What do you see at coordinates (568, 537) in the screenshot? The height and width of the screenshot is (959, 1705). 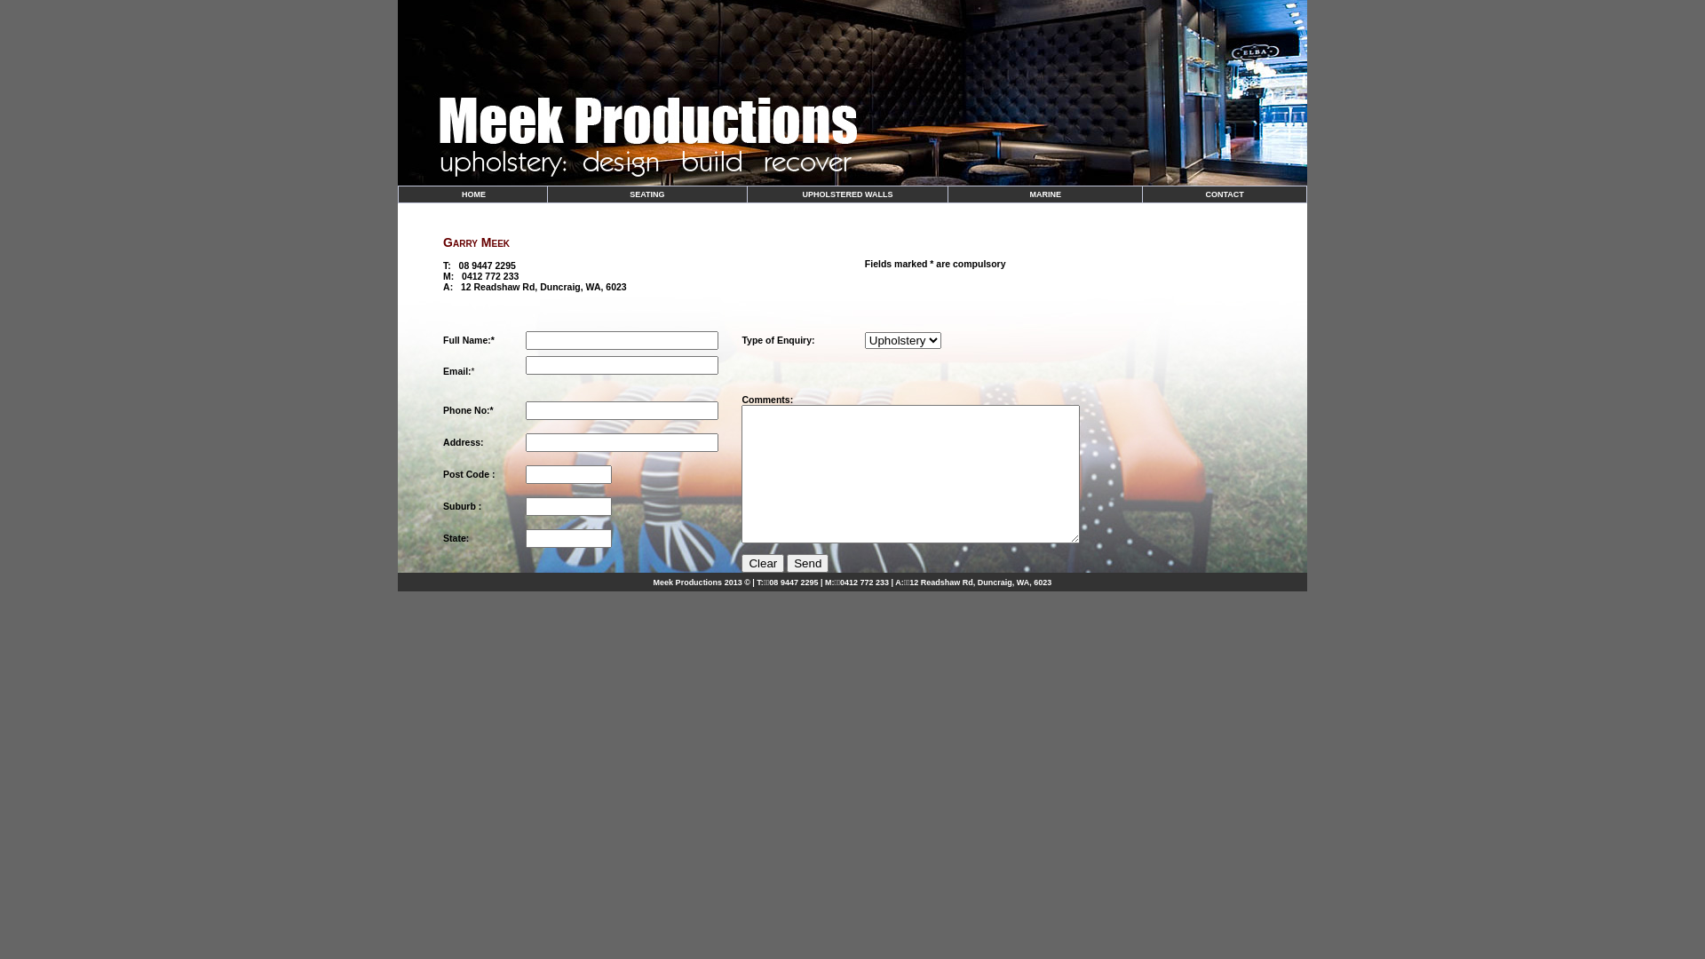 I see `'Enter your State'` at bounding box center [568, 537].